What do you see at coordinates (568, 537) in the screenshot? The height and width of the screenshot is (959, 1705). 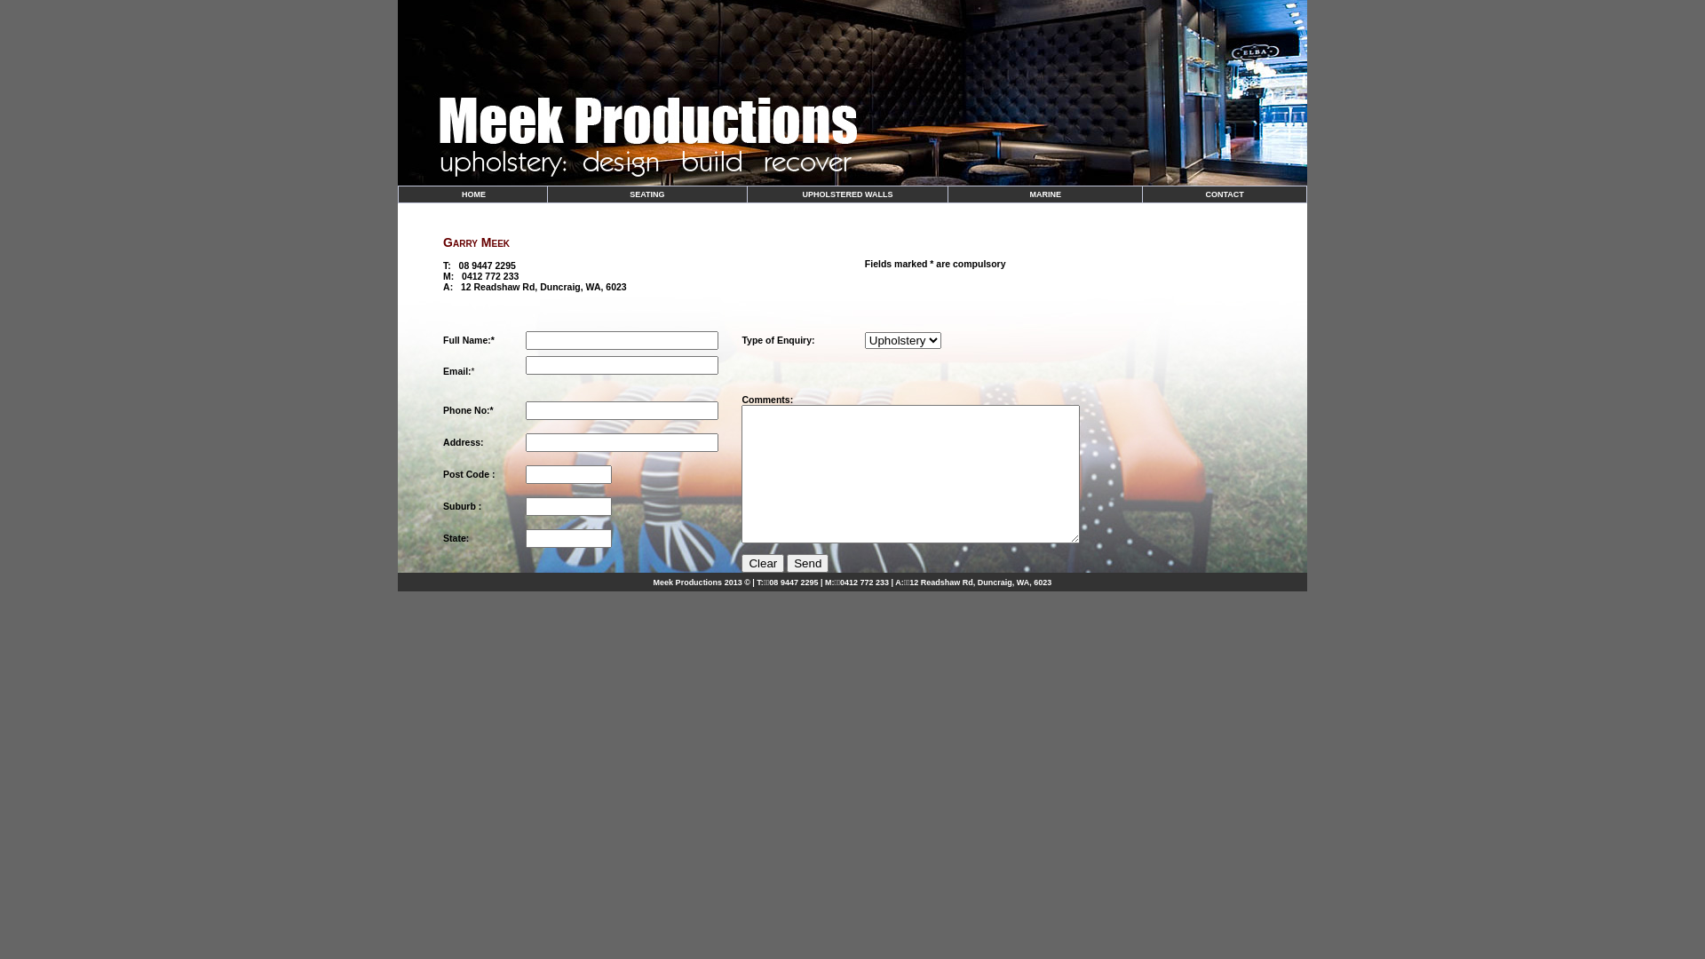 I see `'Enter your State'` at bounding box center [568, 537].